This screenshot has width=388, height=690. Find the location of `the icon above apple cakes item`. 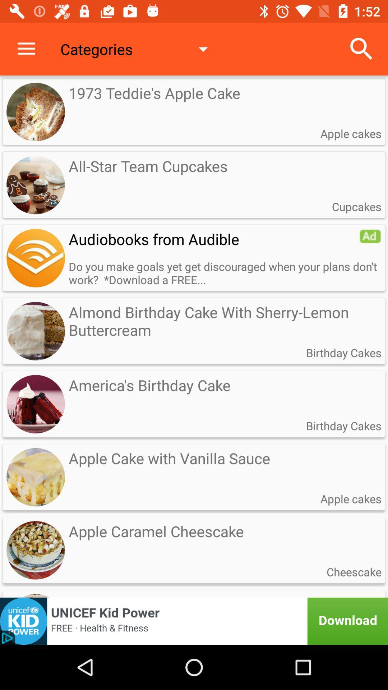

the icon above apple cakes item is located at coordinates (361, 49).